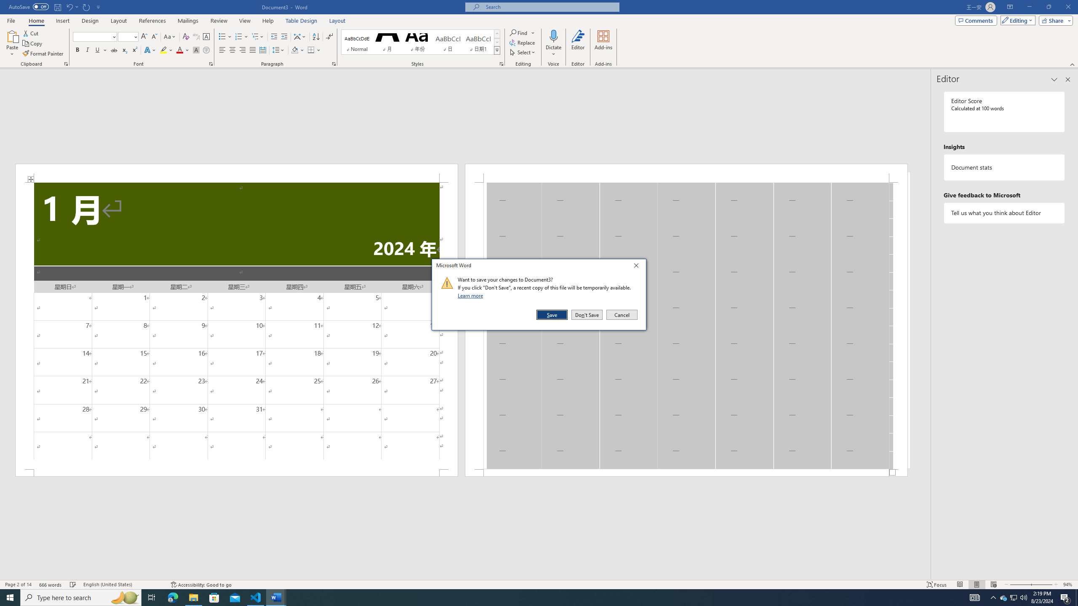  What do you see at coordinates (472, 295) in the screenshot?
I see `'Learn more'` at bounding box center [472, 295].